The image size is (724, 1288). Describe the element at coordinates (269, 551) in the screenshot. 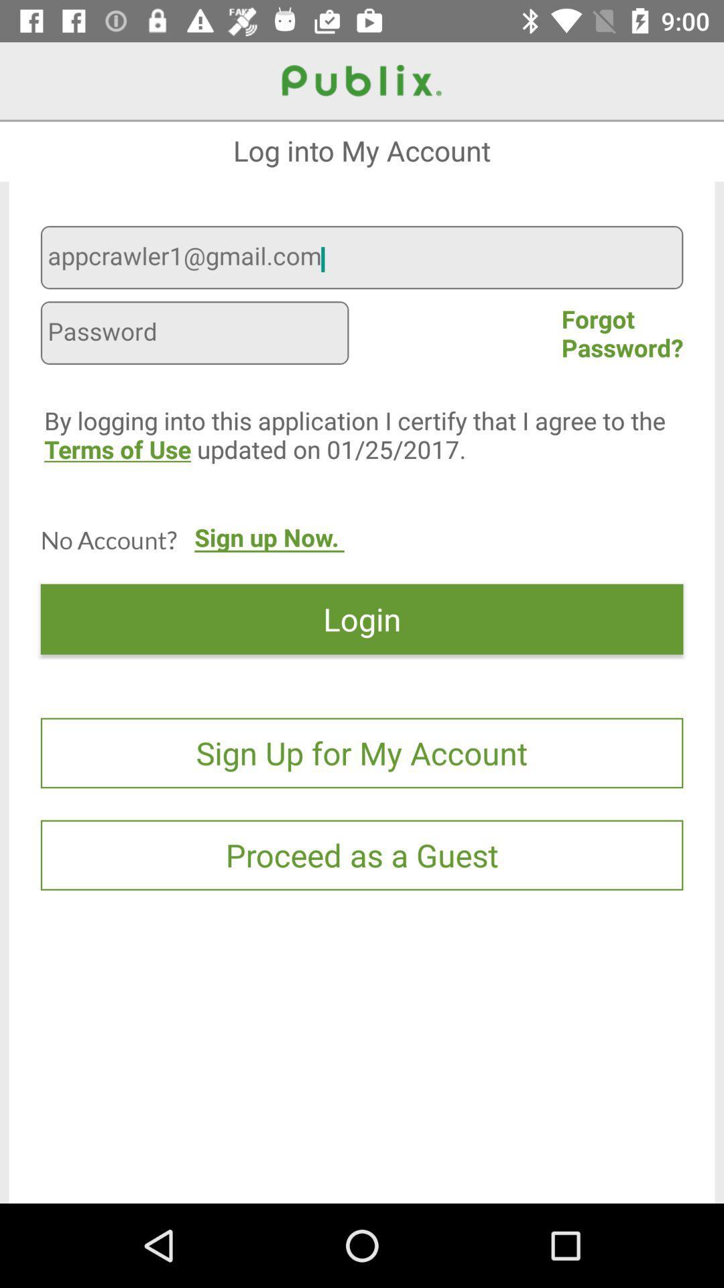

I see `the icon to the right of no account? icon` at that location.